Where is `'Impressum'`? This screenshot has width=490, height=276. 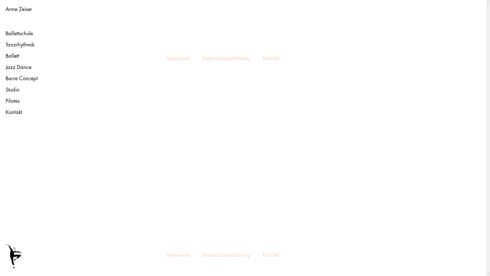
'Impressum' is located at coordinates (167, 255).